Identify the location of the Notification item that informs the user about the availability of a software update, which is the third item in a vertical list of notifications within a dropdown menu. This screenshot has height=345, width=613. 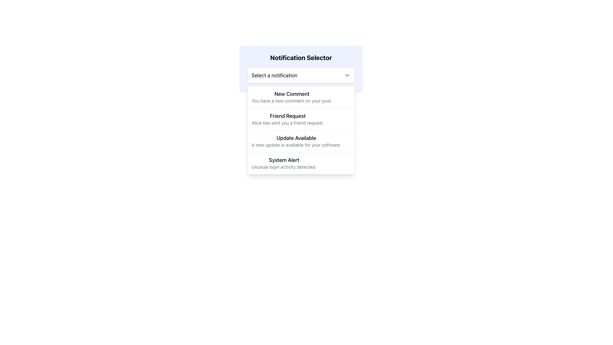
(296, 141).